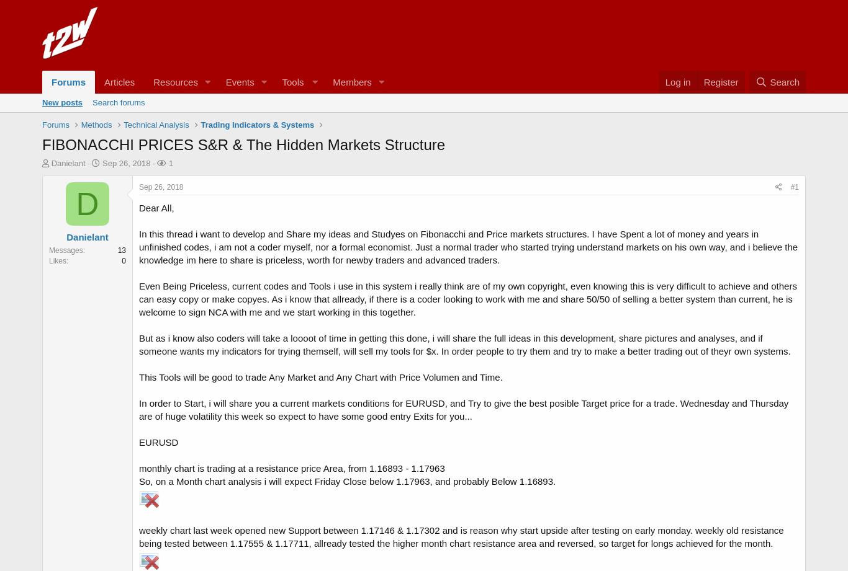 The image size is (848, 571). Describe the element at coordinates (138, 344) in the screenshot. I see `'But as i know also coders will take a loooot of time in getting this done, i will share the full ideas in this development, share pictures and analyses, and if someone wants my indicators for trying themself, will sell my tools for $x. In order people to try them and try to make a better trading out of theyr own systems.'` at that location.